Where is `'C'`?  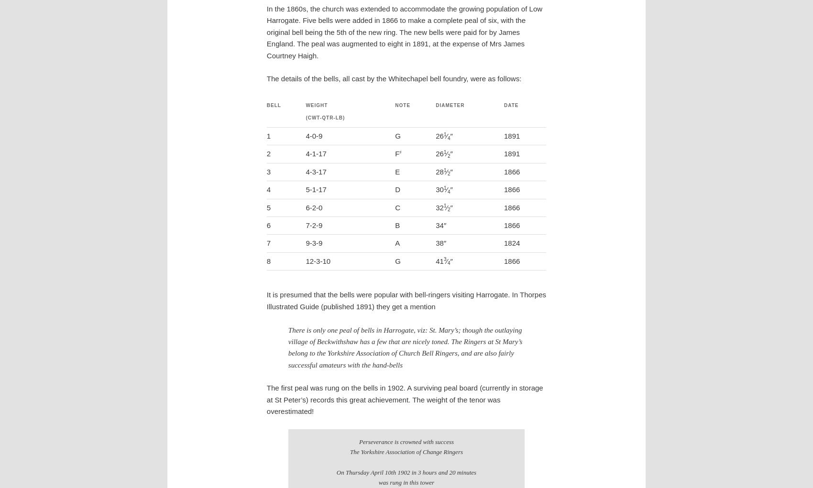
'C' is located at coordinates (397, 207).